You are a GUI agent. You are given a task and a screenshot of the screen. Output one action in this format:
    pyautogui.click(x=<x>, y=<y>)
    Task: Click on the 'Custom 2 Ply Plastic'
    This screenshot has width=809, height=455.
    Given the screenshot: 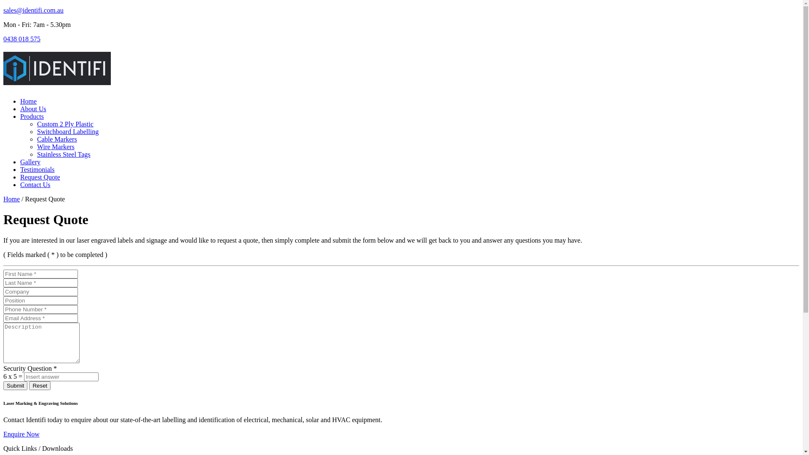 What is the action you would take?
    pyautogui.click(x=36, y=124)
    